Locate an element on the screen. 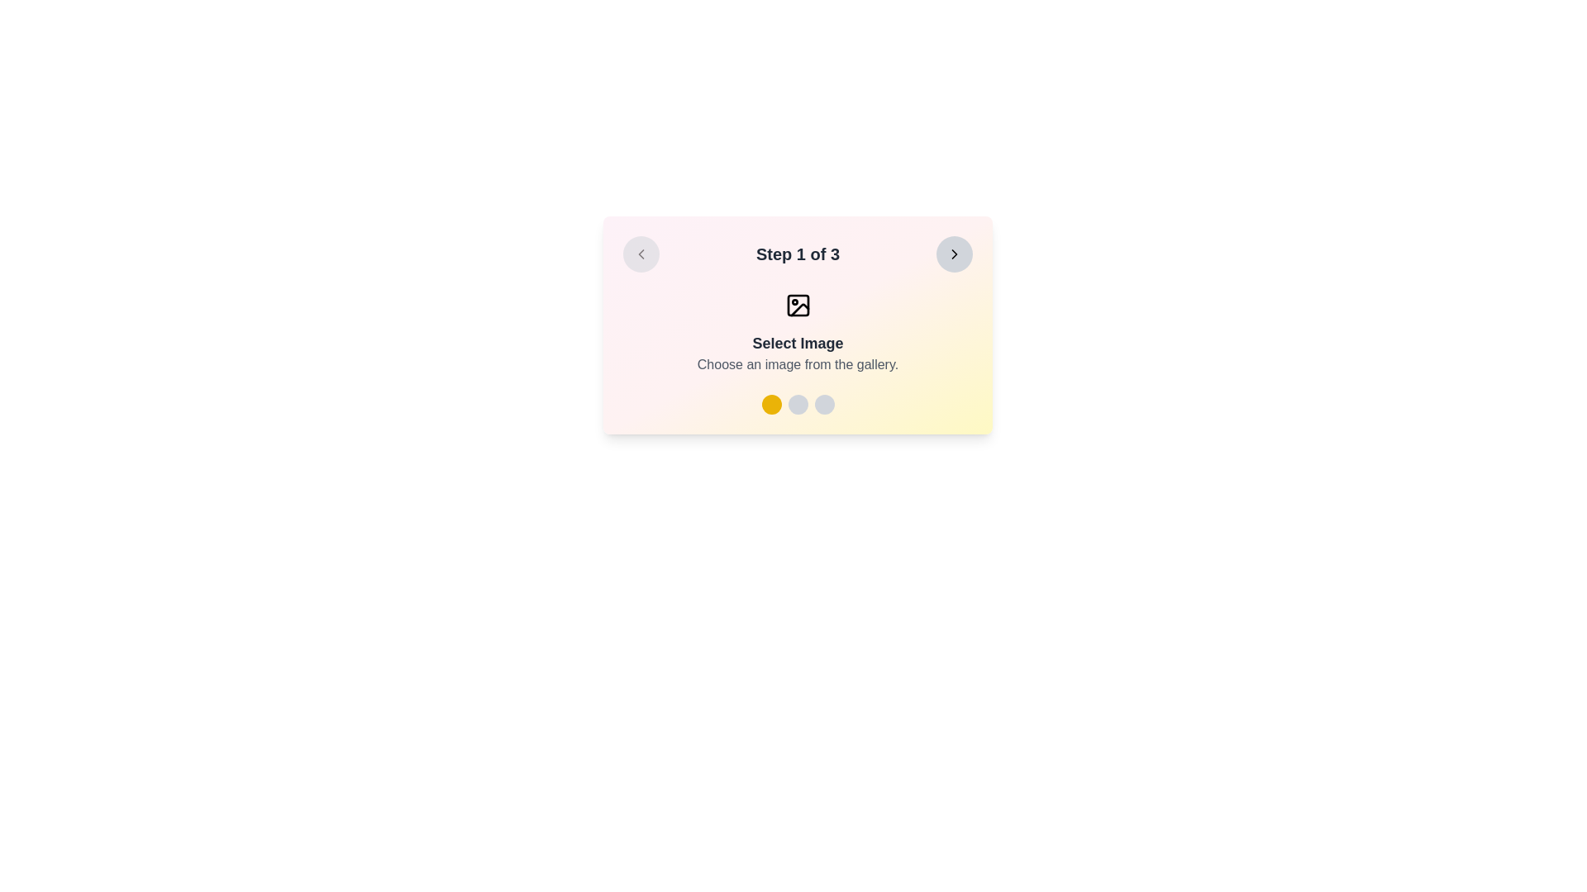 This screenshot has width=1587, height=892. the chevron icon located within the rounded button on the left side of the step progression interface is located at coordinates (641, 254).